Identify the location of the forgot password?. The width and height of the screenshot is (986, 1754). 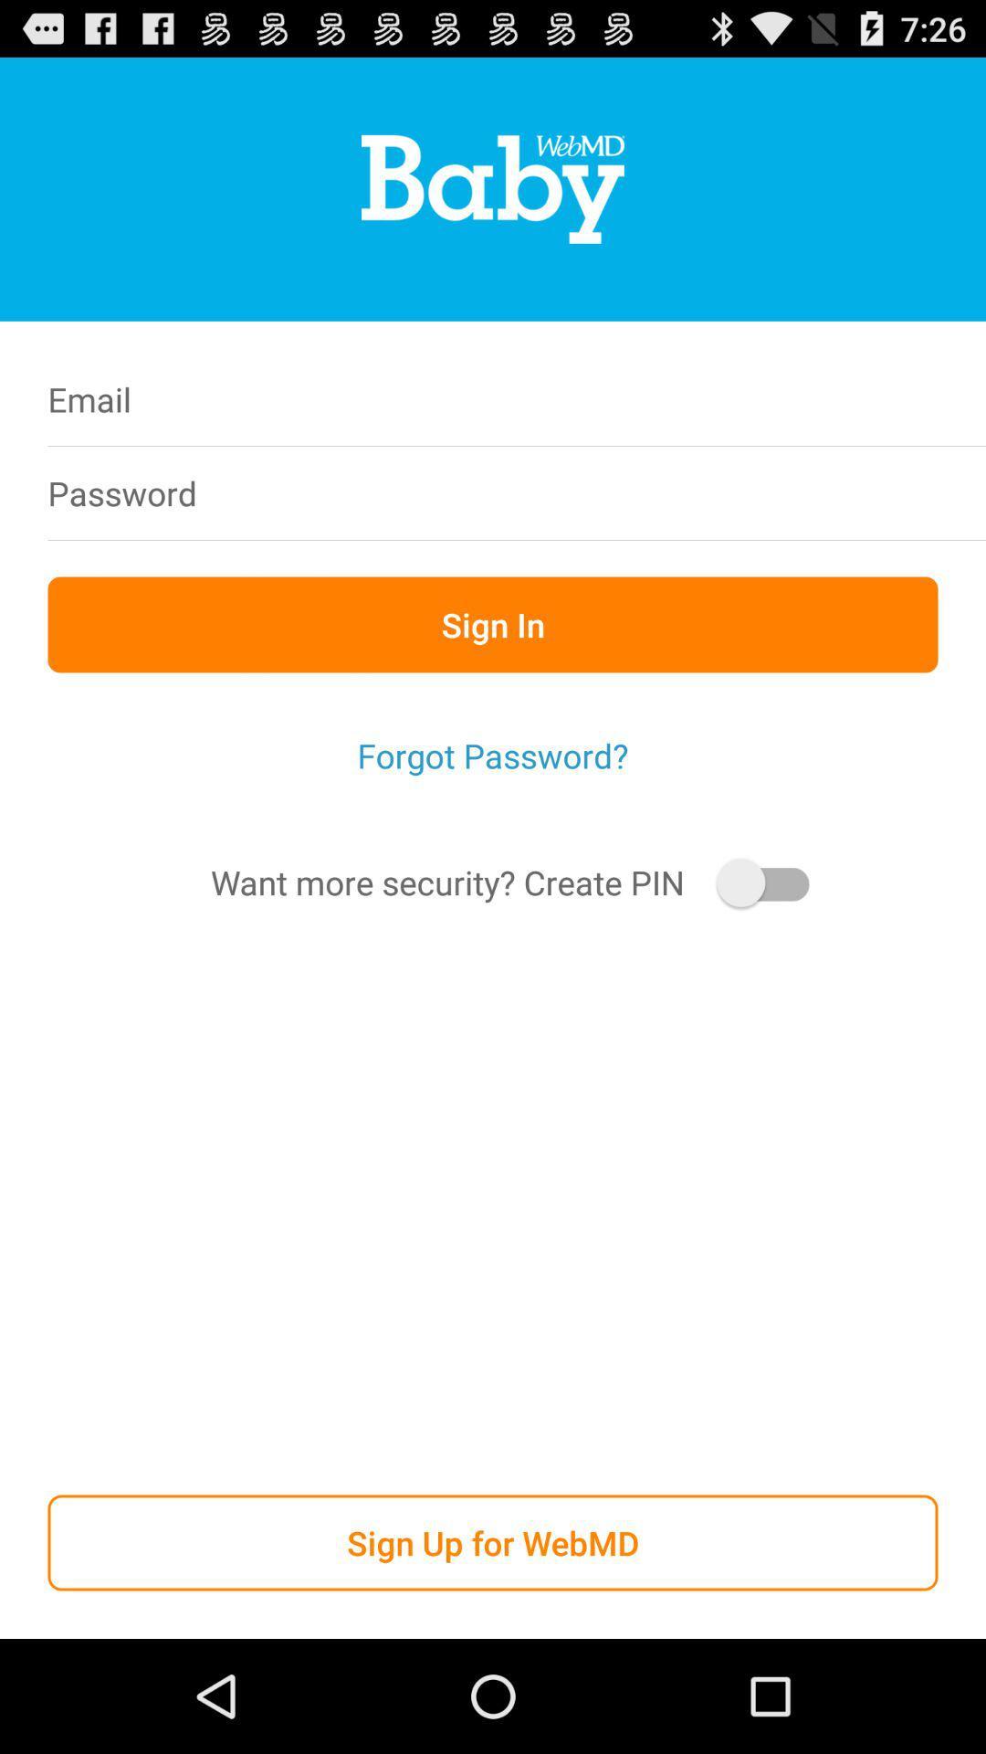
(493, 755).